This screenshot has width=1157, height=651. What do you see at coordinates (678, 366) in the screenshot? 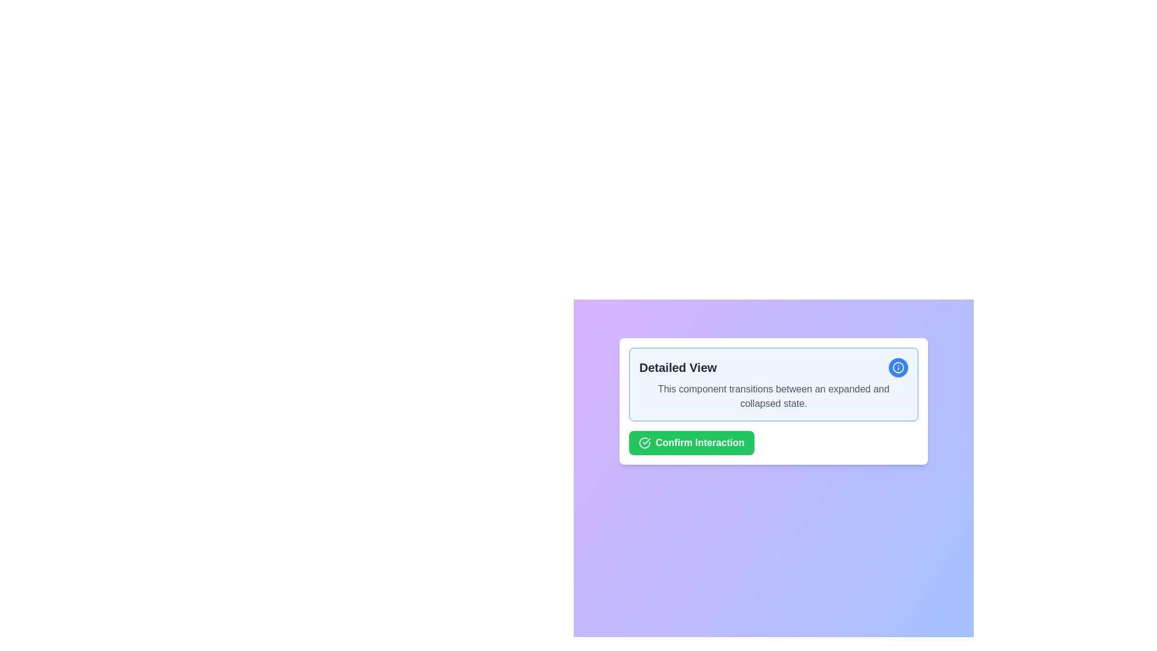
I see `text content of the Text Label displaying 'Detailed View' located at the top-left corner of the content block` at bounding box center [678, 366].